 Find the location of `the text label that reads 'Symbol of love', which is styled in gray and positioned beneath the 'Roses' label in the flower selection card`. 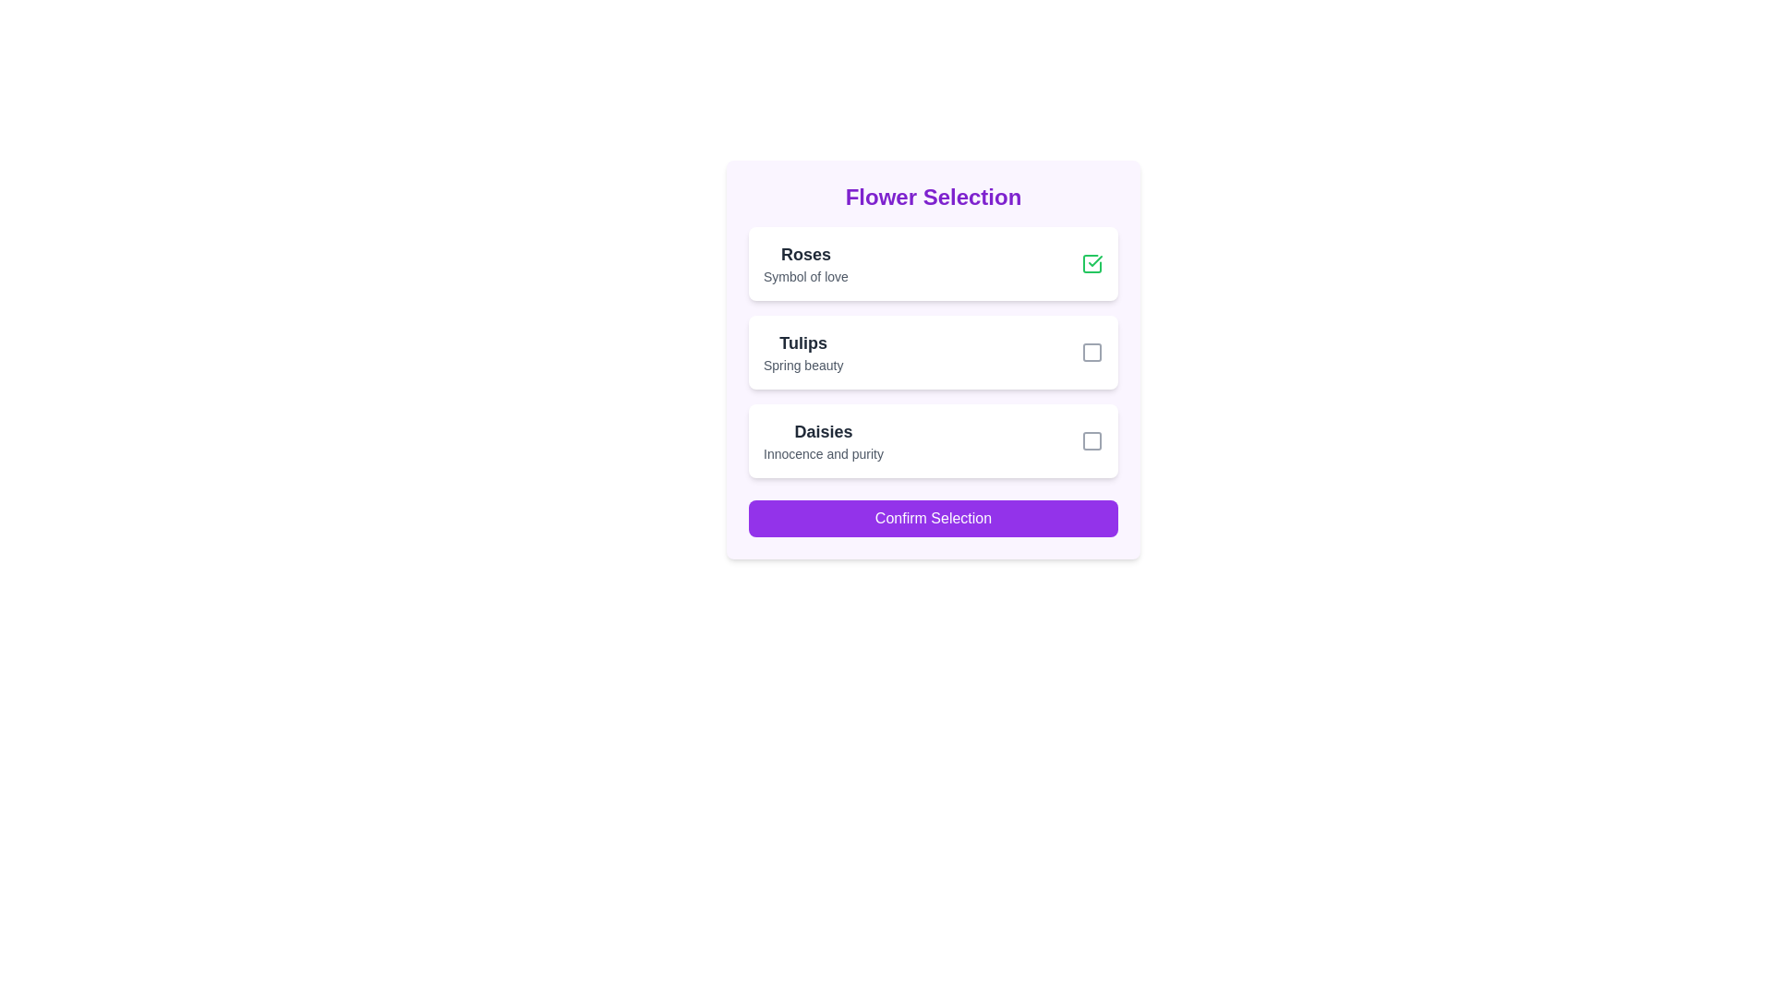

the text label that reads 'Symbol of love', which is styled in gray and positioned beneath the 'Roses' label in the flower selection card is located at coordinates (805, 277).